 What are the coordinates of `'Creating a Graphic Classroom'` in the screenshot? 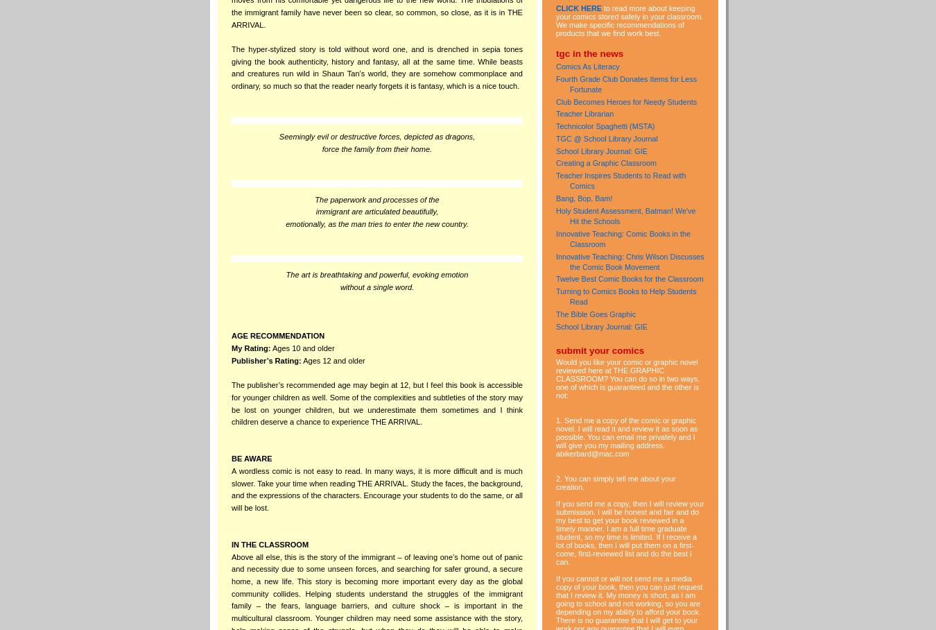 It's located at (606, 162).